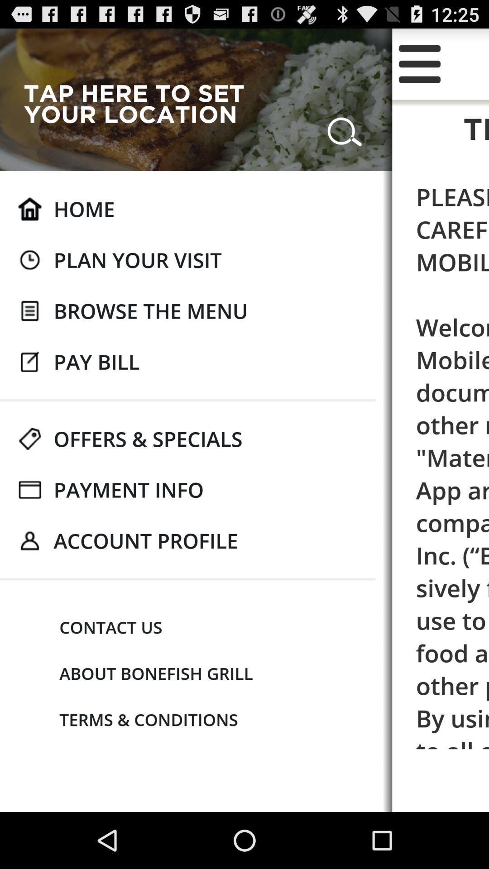 The height and width of the screenshot is (869, 489). Describe the element at coordinates (138, 259) in the screenshot. I see `the icon next to please read these app` at that location.